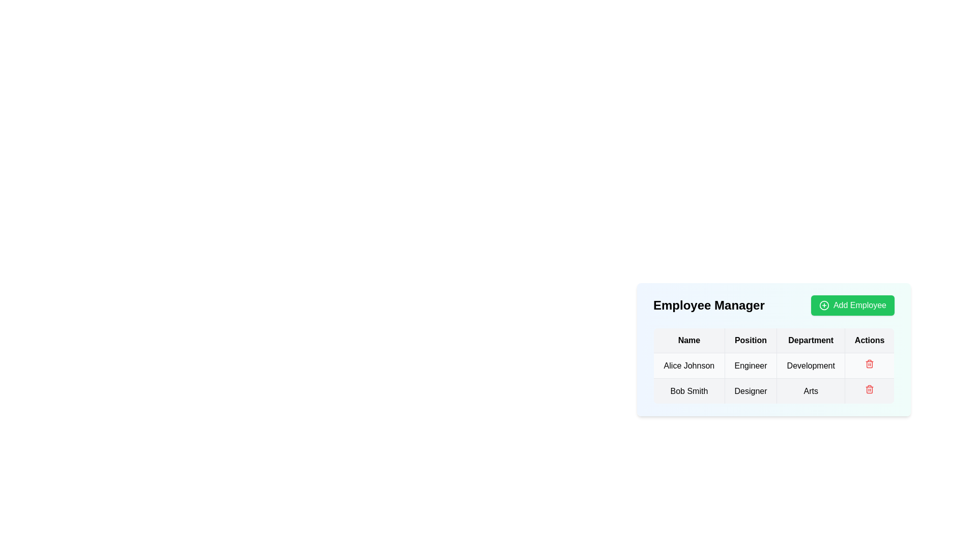 This screenshot has width=977, height=549. I want to click on text from the second header cell in the 'Employee Manager' section of the table, which is positioned between the 'Name' and 'Department' headers, so click(751, 341).